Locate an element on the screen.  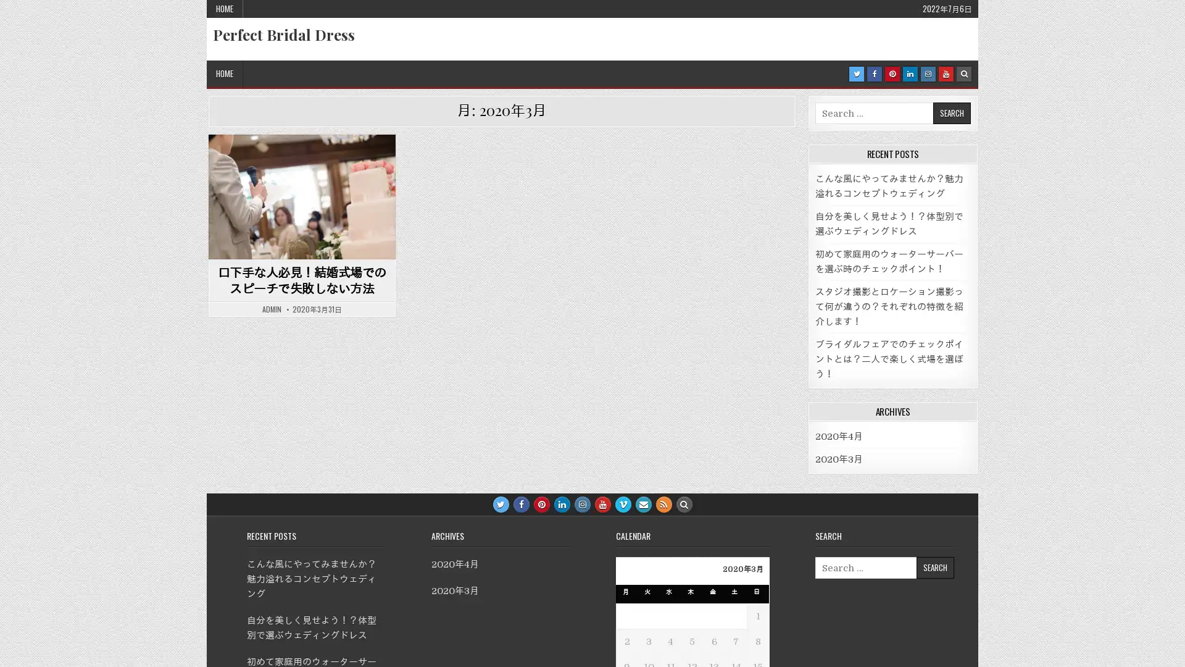
Search is located at coordinates (950, 113).